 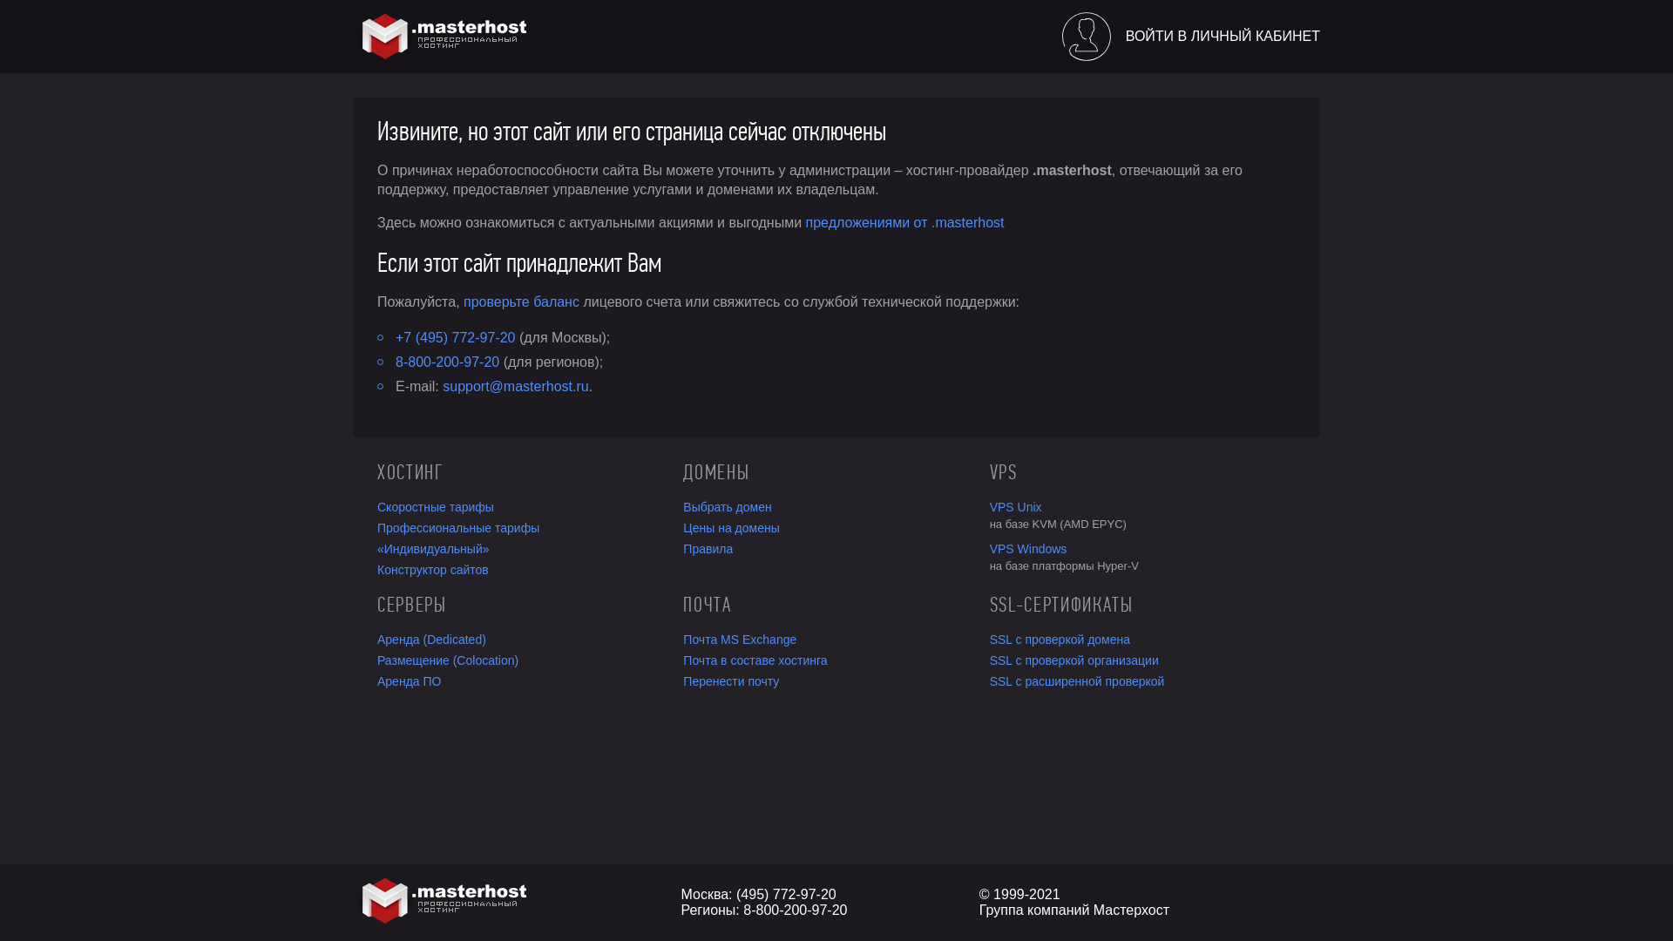 What do you see at coordinates (455, 337) in the screenshot?
I see `'+7 (495) 772-97-20'` at bounding box center [455, 337].